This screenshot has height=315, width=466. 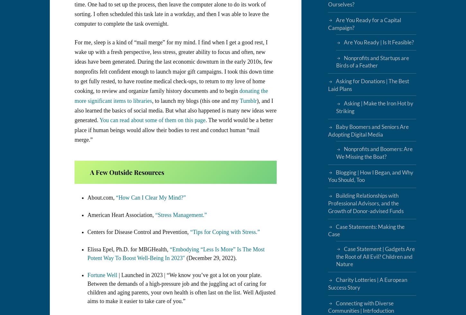 I want to click on 'You can read about some of them on this page', so click(x=152, y=120).